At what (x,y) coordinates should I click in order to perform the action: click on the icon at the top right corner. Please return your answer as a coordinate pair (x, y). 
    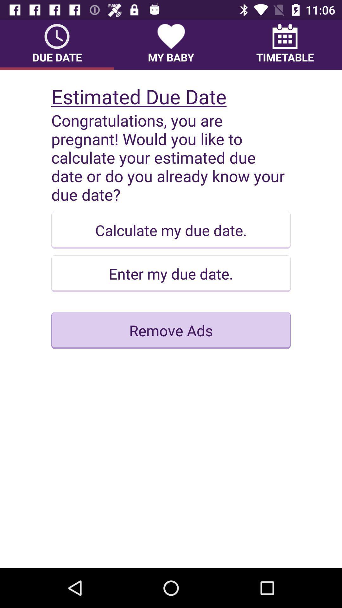
    Looking at the image, I should click on (284, 44).